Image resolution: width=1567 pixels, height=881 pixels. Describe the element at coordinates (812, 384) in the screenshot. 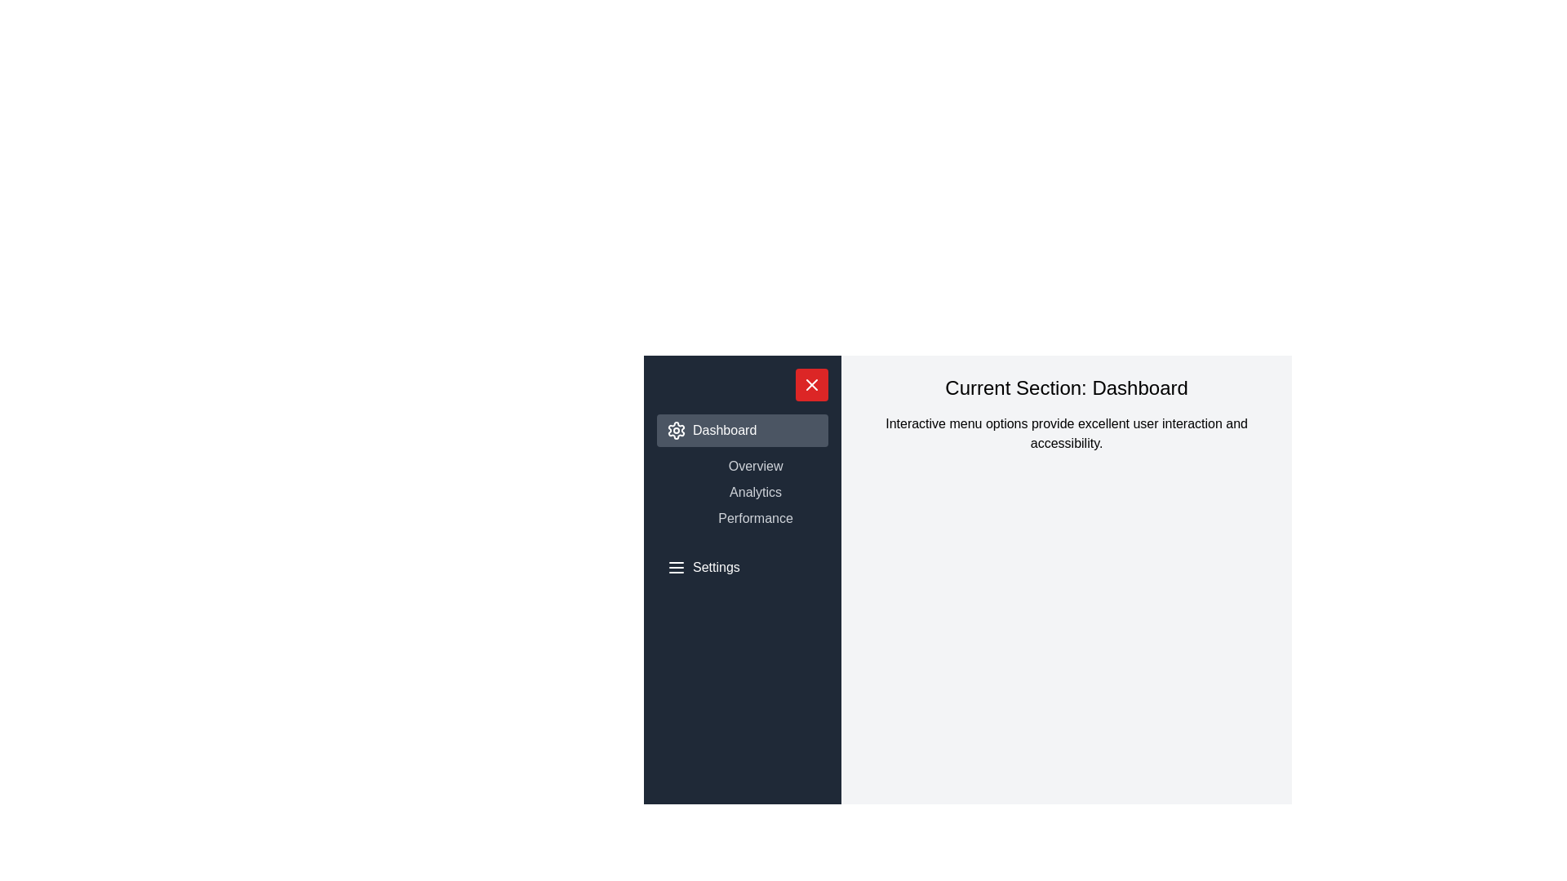

I see `the close button located at the top-right corner of the navigation sidebar` at that location.